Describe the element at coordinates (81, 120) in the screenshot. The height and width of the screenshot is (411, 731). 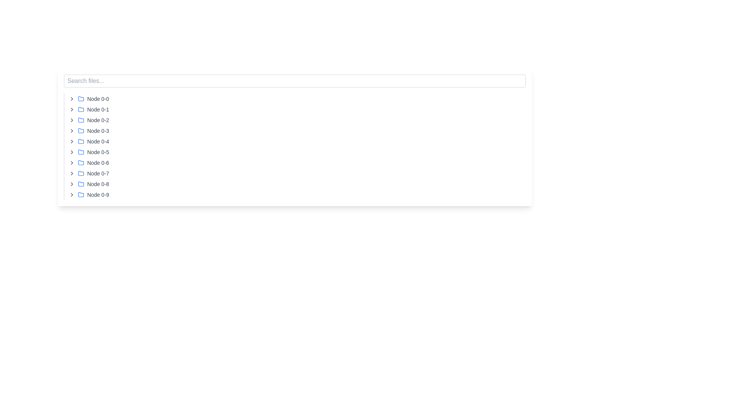
I see `the folder icon located` at that location.